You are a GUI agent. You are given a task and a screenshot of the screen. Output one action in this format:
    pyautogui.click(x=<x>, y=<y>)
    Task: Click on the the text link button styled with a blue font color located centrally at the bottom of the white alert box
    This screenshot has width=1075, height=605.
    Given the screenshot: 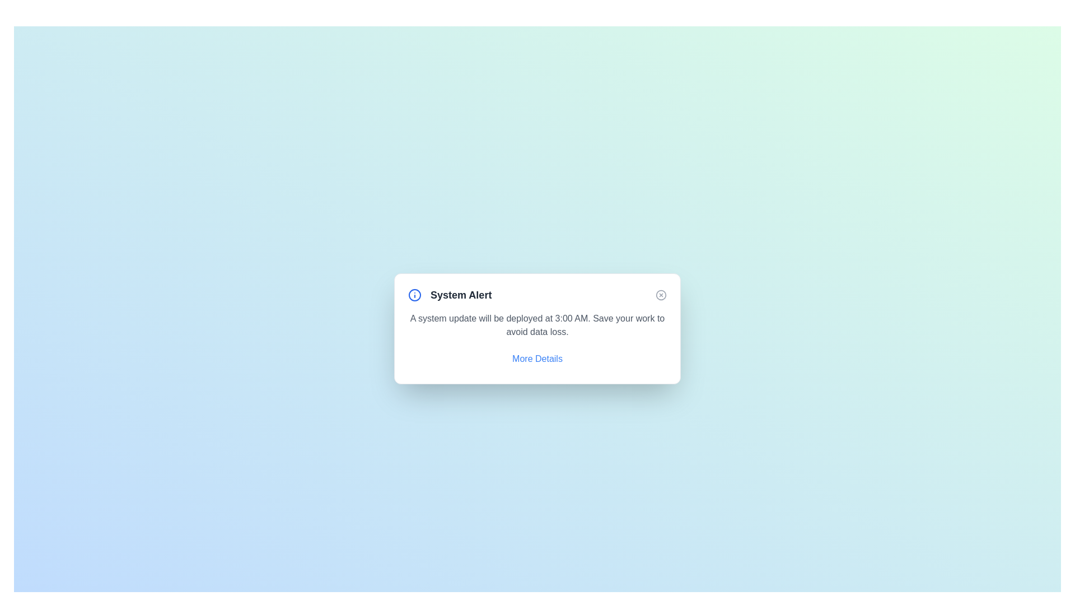 What is the action you would take?
    pyautogui.click(x=537, y=359)
    